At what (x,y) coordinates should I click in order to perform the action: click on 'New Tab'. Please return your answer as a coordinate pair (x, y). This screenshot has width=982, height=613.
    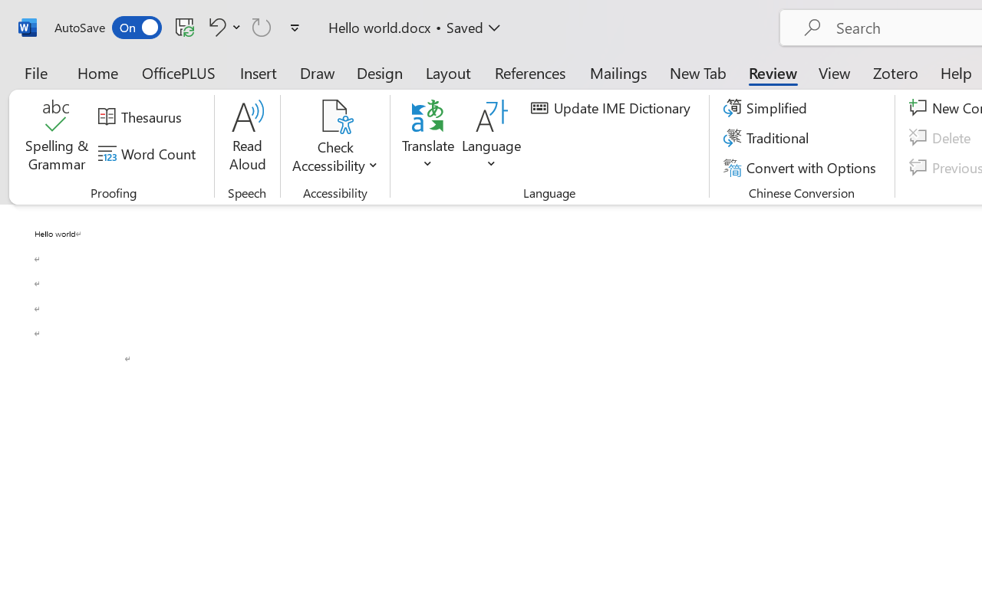
    Looking at the image, I should click on (697, 72).